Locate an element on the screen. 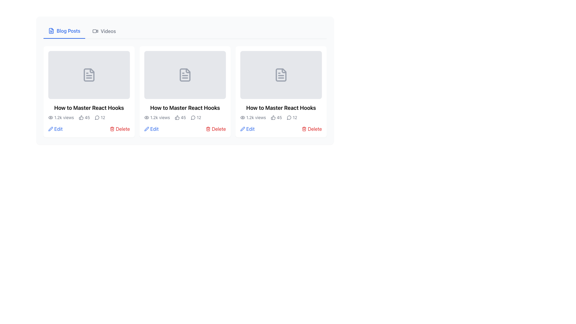 This screenshot has height=324, width=576. the pen icon associated with the 'Edit' action, which is located to the left of the word 'Edit' in the second blog post card from the left is located at coordinates (147, 128).